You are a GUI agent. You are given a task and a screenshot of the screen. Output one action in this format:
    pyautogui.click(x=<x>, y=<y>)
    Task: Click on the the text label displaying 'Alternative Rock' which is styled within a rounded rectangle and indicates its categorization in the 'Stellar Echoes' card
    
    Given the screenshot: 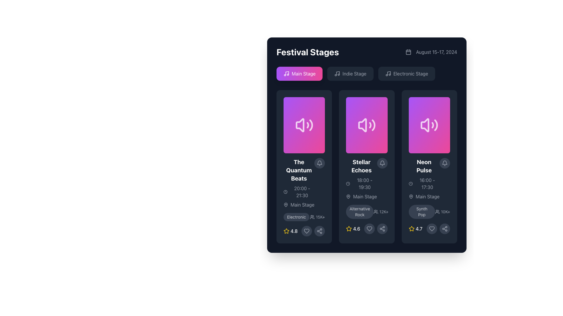 What is the action you would take?
    pyautogui.click(x=367, y=212)
    